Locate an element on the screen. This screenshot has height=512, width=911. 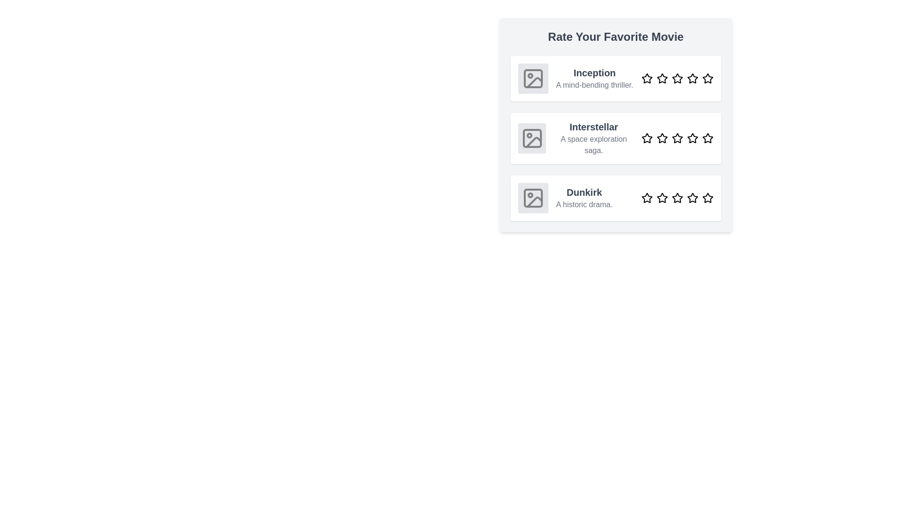
the first star icon in the rating system under the 'Dunkirk' section is located at coordinates (646, 197).